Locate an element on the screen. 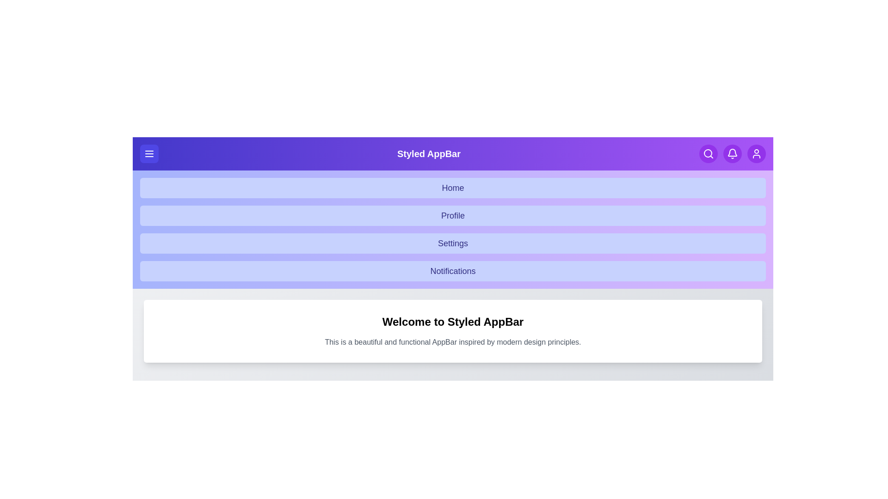 The height and width of the screenshot is (499, 888). the search button to activate the search functionality is located at coordinates (708, 153).